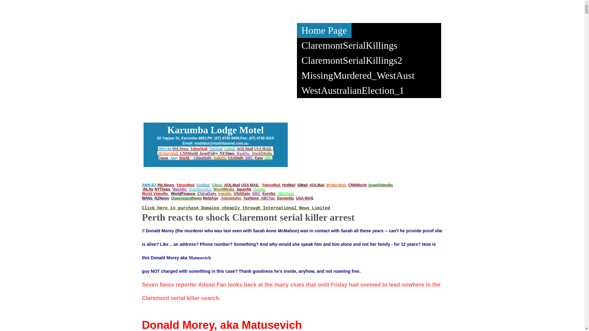 The height and width of the screenshot is (331, 589). Describe the element at coordinates (199, 148) in the screenshot. I see `'YahooMail'` at that location.